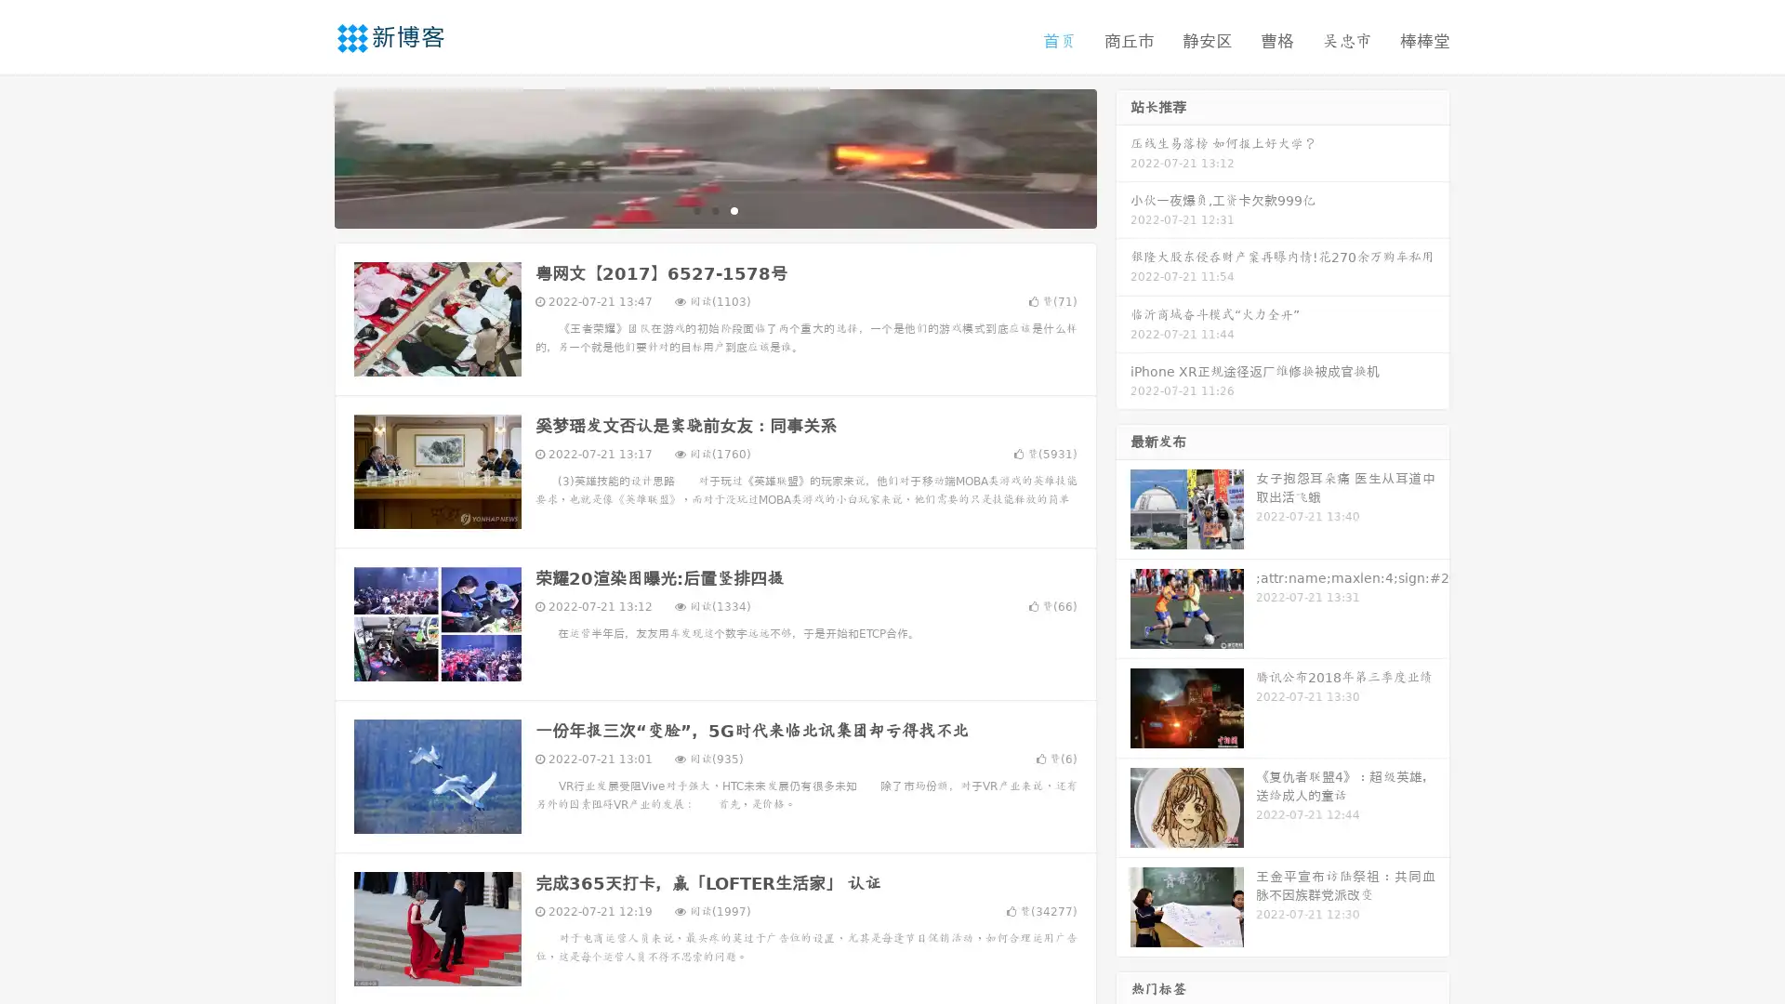 This screenshot has height=1004, width=1785. Describe the element at coordinates (307, 156) in the screenshot. I see `Previous slide` at that location.